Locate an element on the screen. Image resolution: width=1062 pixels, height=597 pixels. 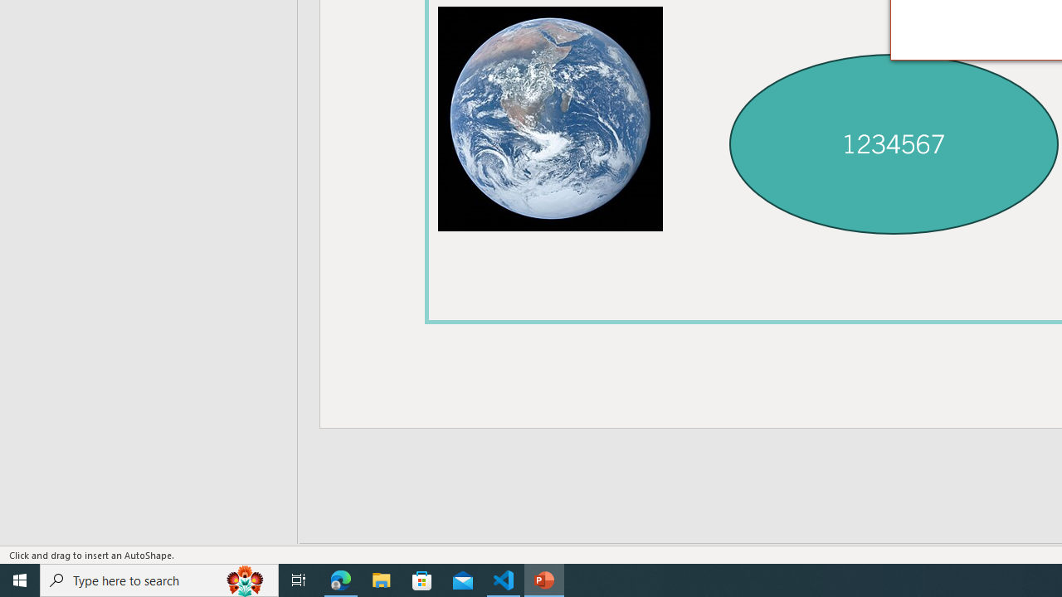
'Type here to search' is located at coordinates (159, 579).